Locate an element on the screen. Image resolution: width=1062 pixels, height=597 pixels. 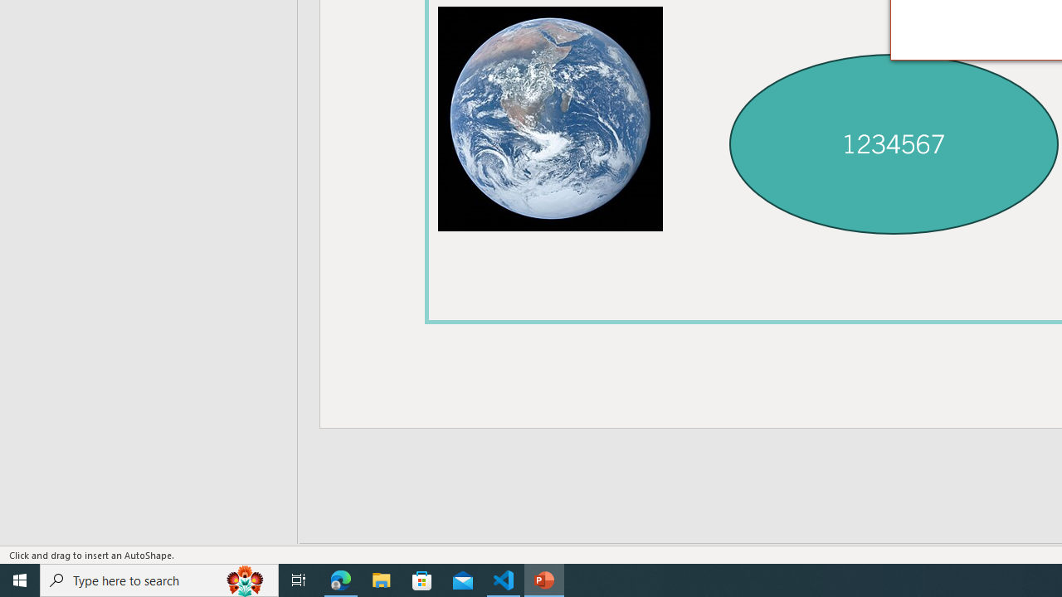
'Type here to search' is located at coordinates (159, 579).